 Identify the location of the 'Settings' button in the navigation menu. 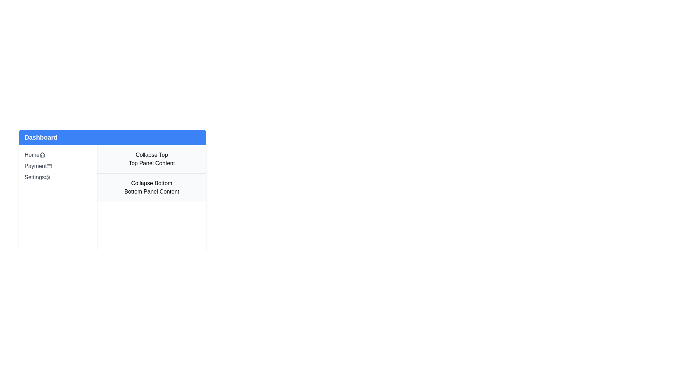
(58, 177).